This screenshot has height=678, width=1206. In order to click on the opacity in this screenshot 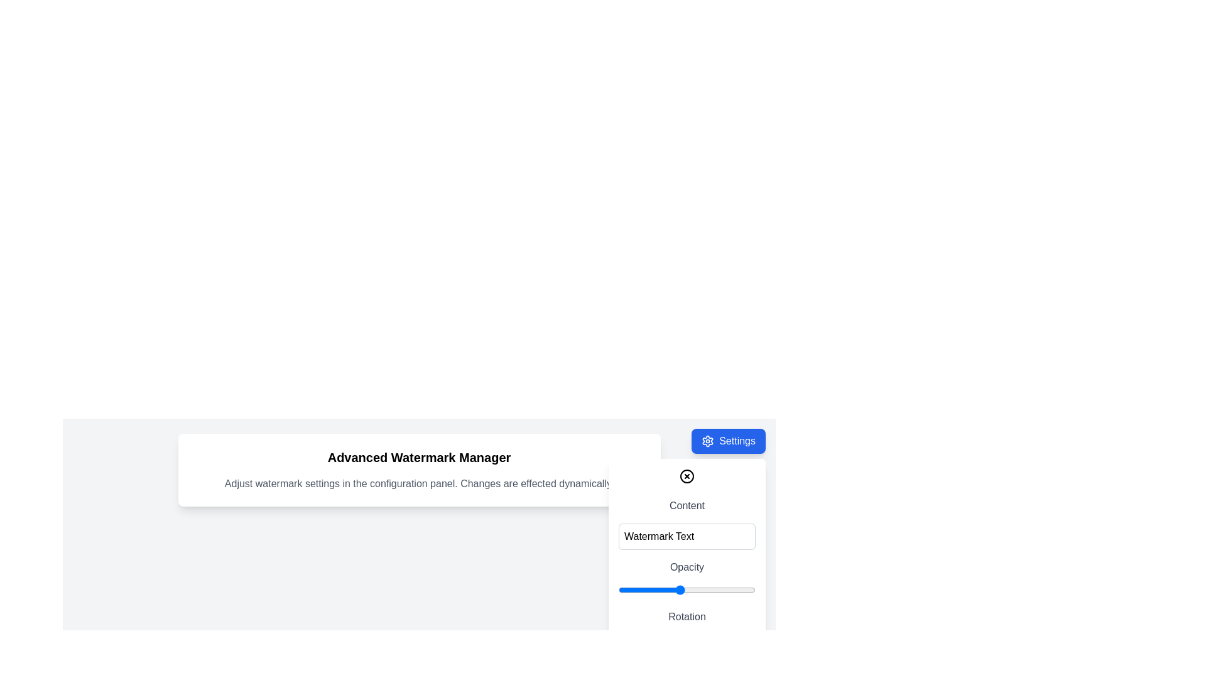, I will do `click(603, 590)`.